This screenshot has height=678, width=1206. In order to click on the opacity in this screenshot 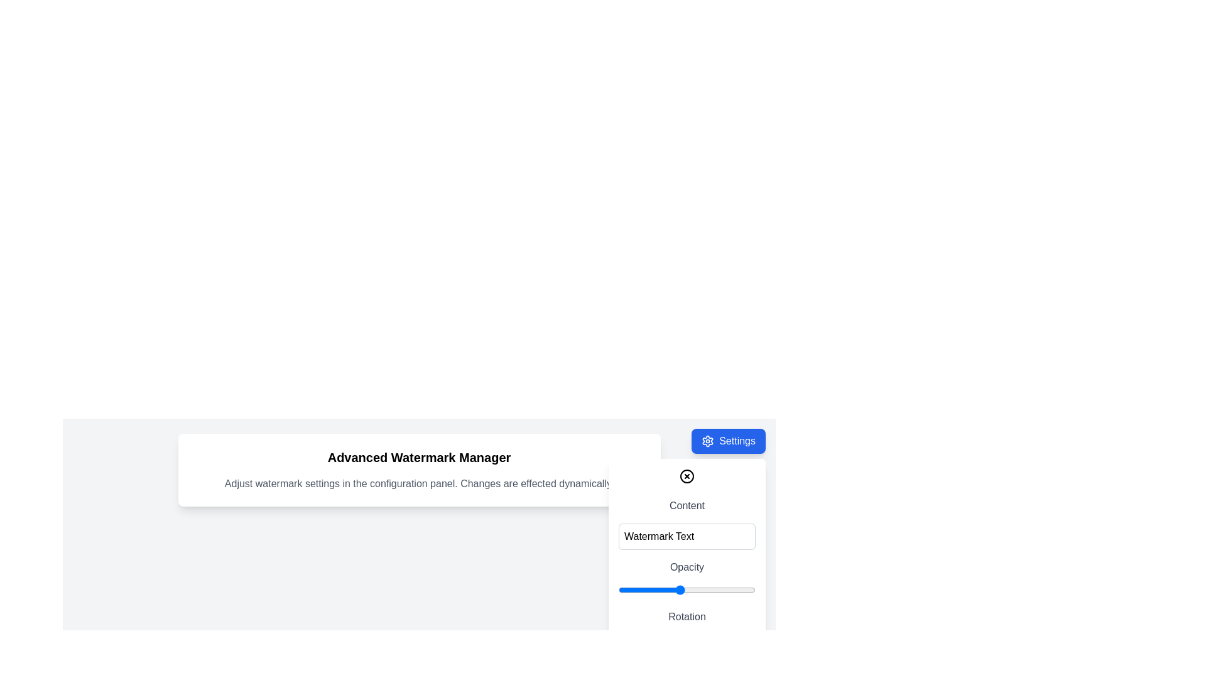, I will do `click(603, 590)`.